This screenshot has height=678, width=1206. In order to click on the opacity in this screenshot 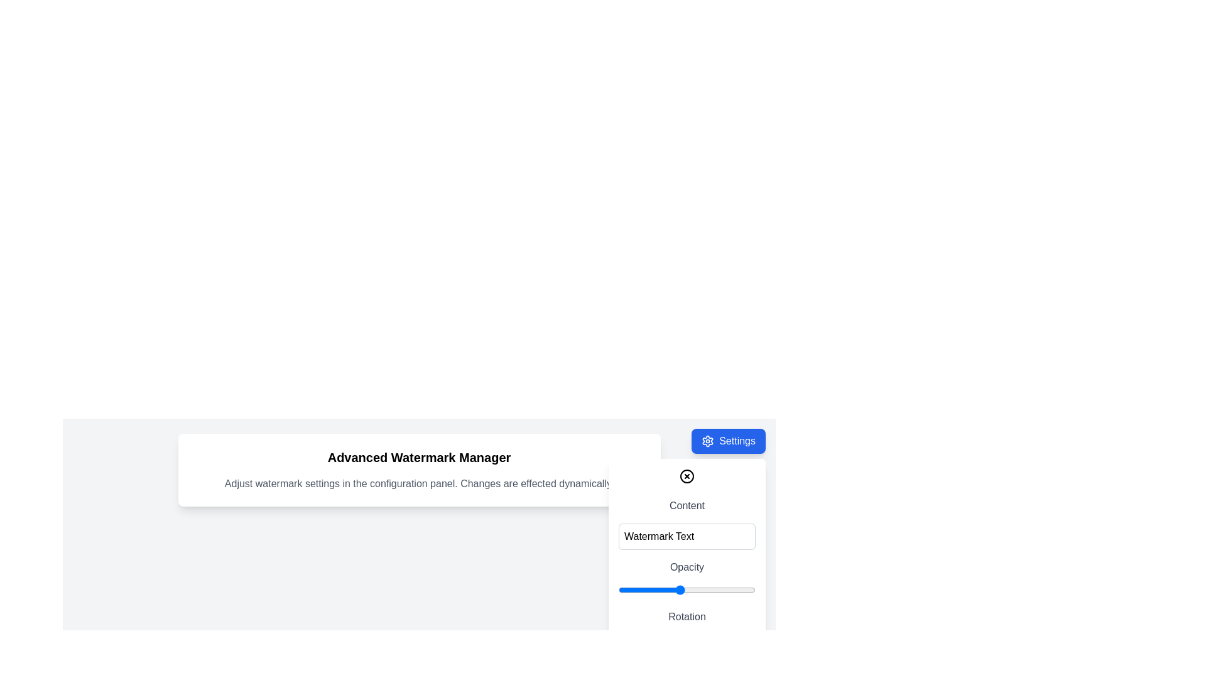, I will do `click(603, 590)`.